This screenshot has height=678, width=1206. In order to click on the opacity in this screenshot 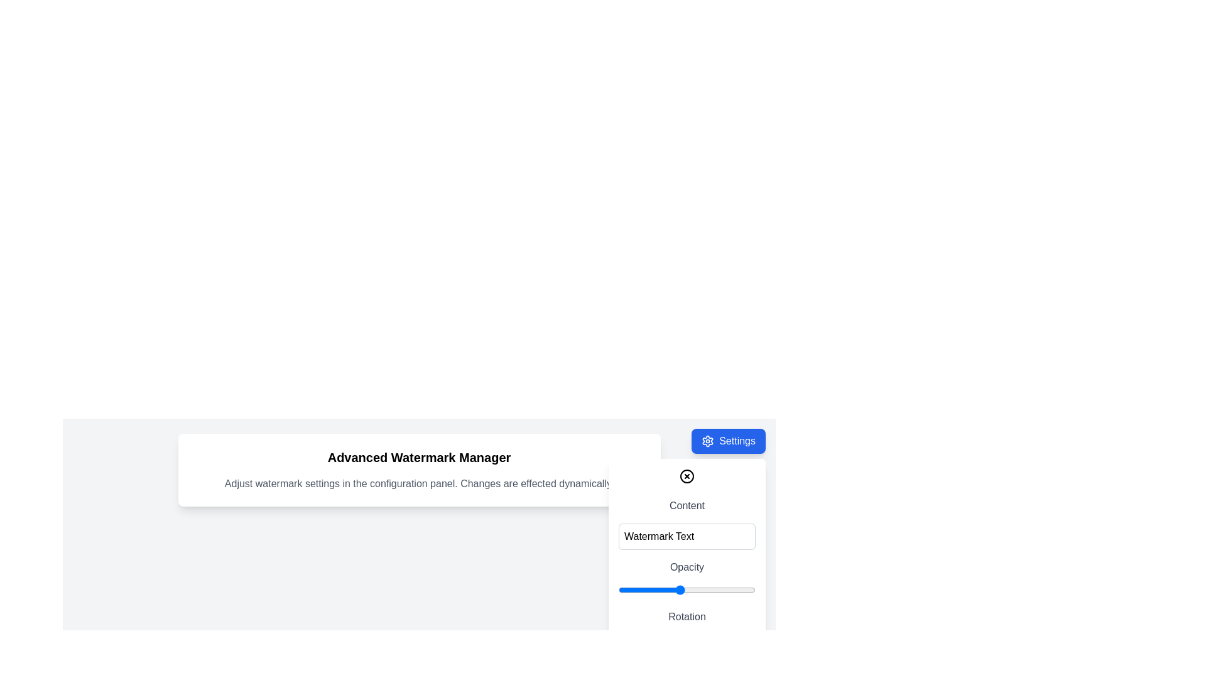, I will do `click(603, 590)`.